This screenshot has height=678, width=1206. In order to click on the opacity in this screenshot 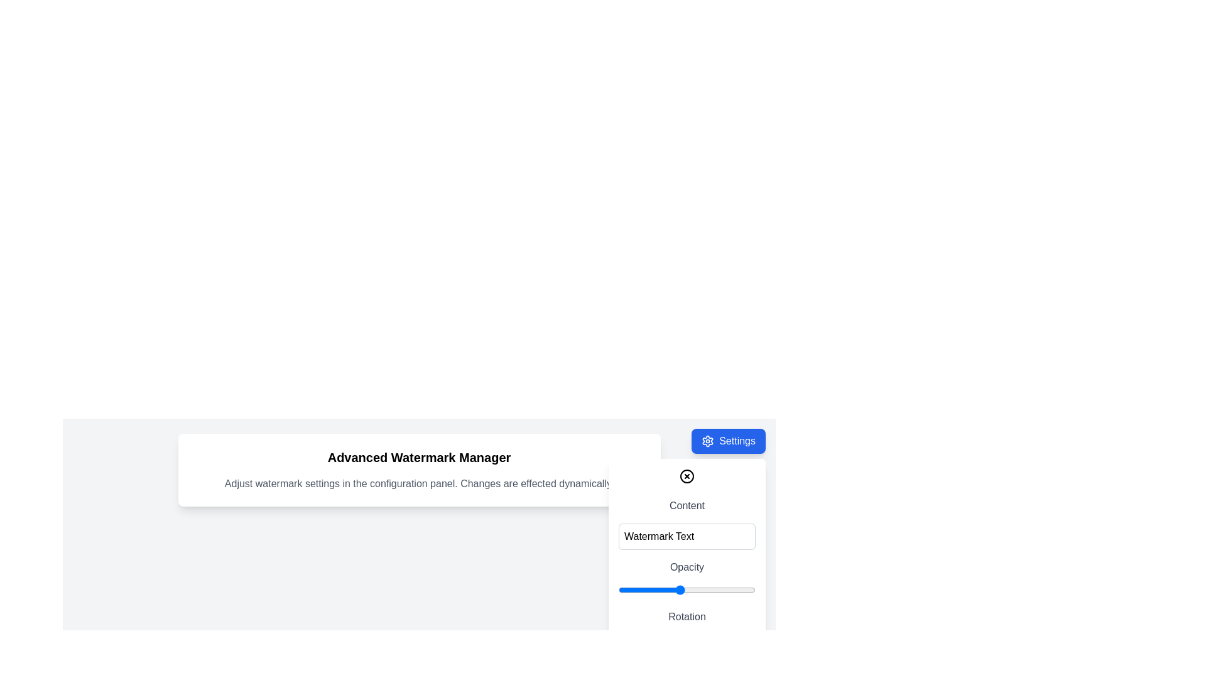, I will do `click(603, 590)`.